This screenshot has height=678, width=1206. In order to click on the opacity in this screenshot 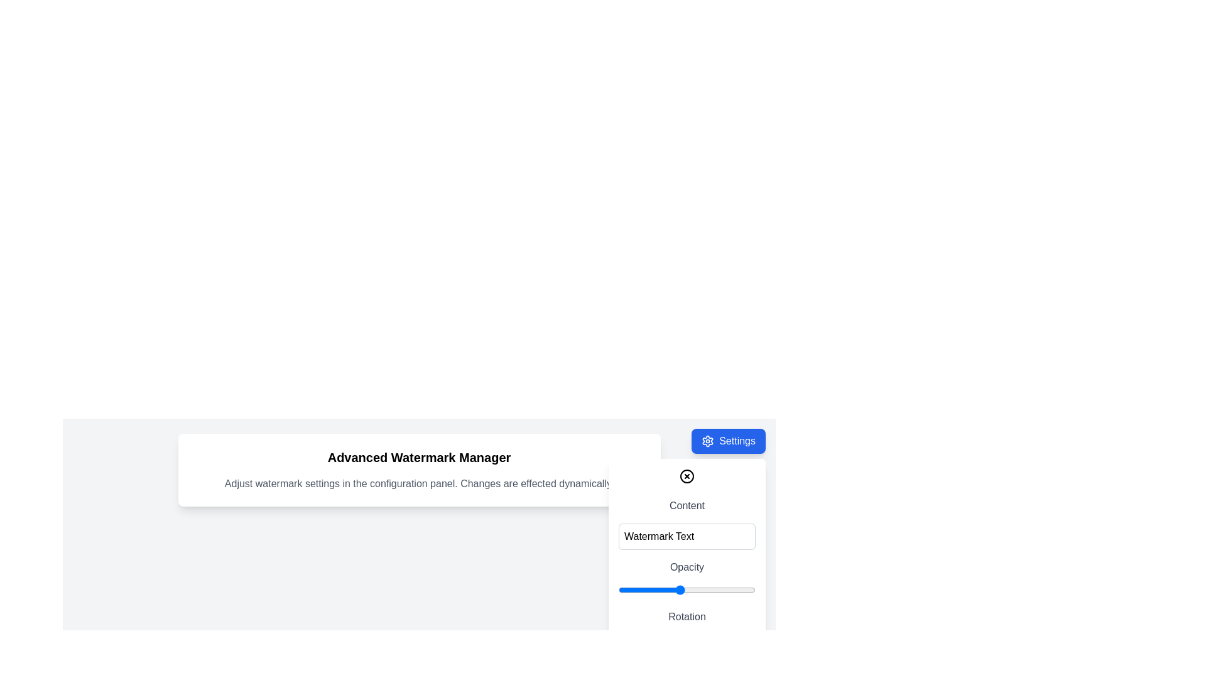, I will do `click(603, 590)`.